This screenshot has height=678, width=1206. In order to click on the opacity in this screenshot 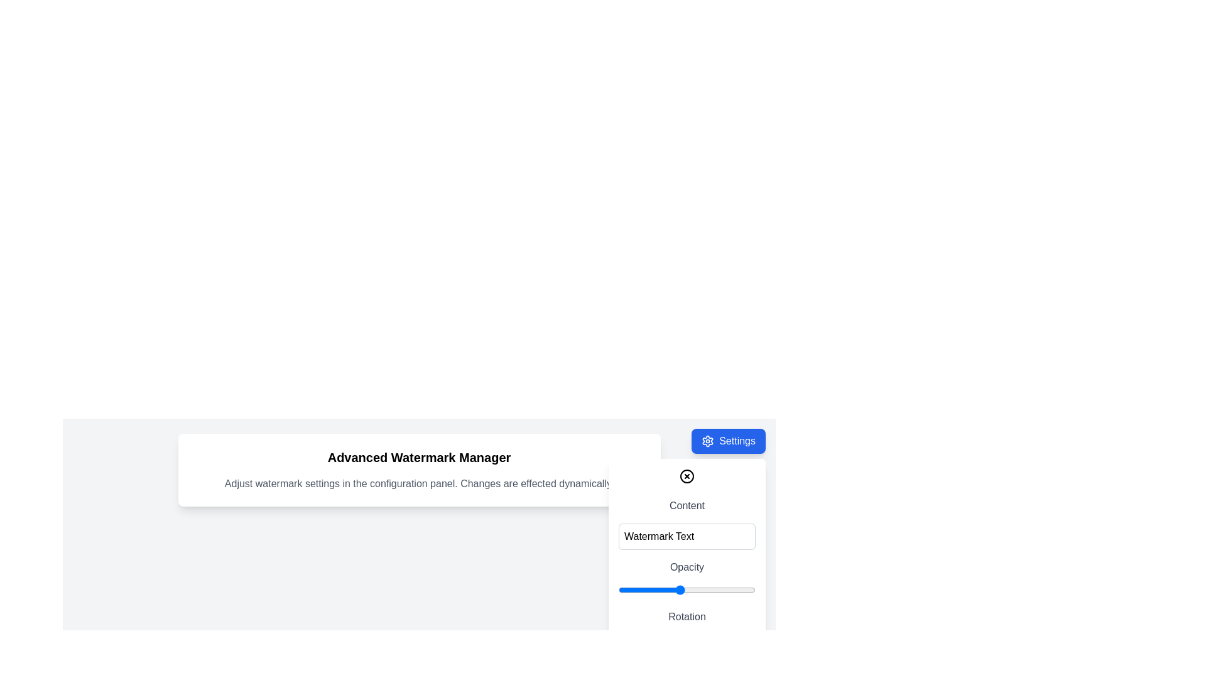, I will do `click(603, 590)`.